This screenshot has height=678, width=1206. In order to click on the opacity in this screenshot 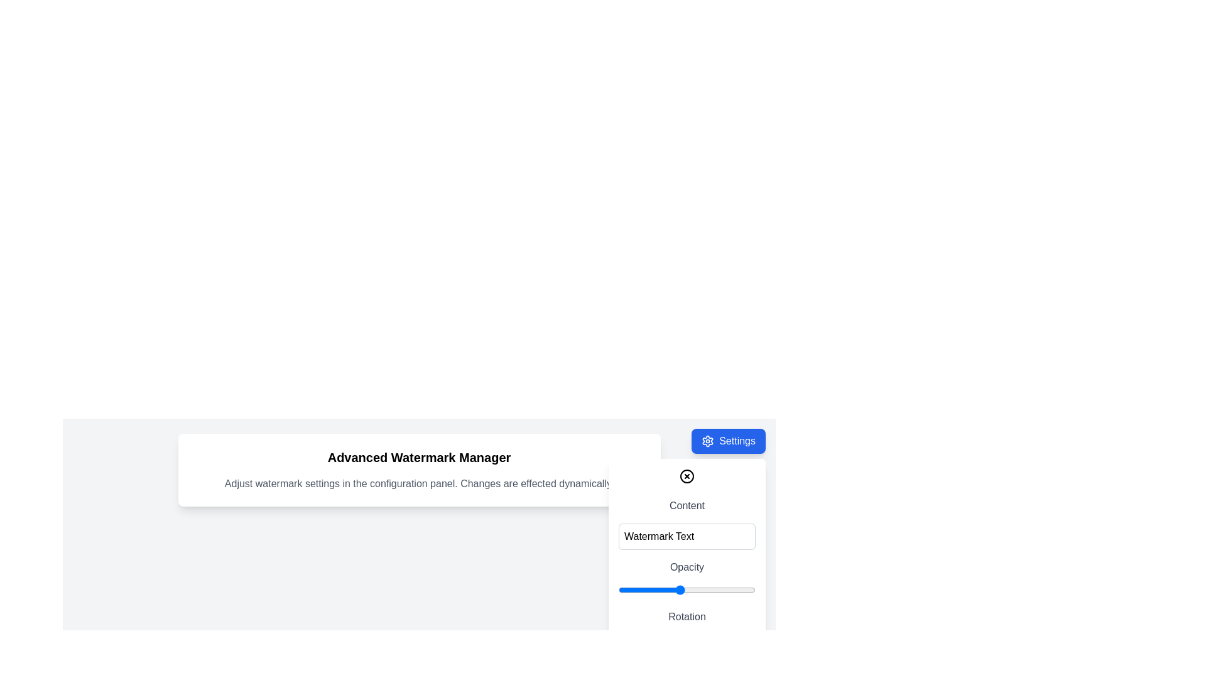, I will do `click(603, 590)`.